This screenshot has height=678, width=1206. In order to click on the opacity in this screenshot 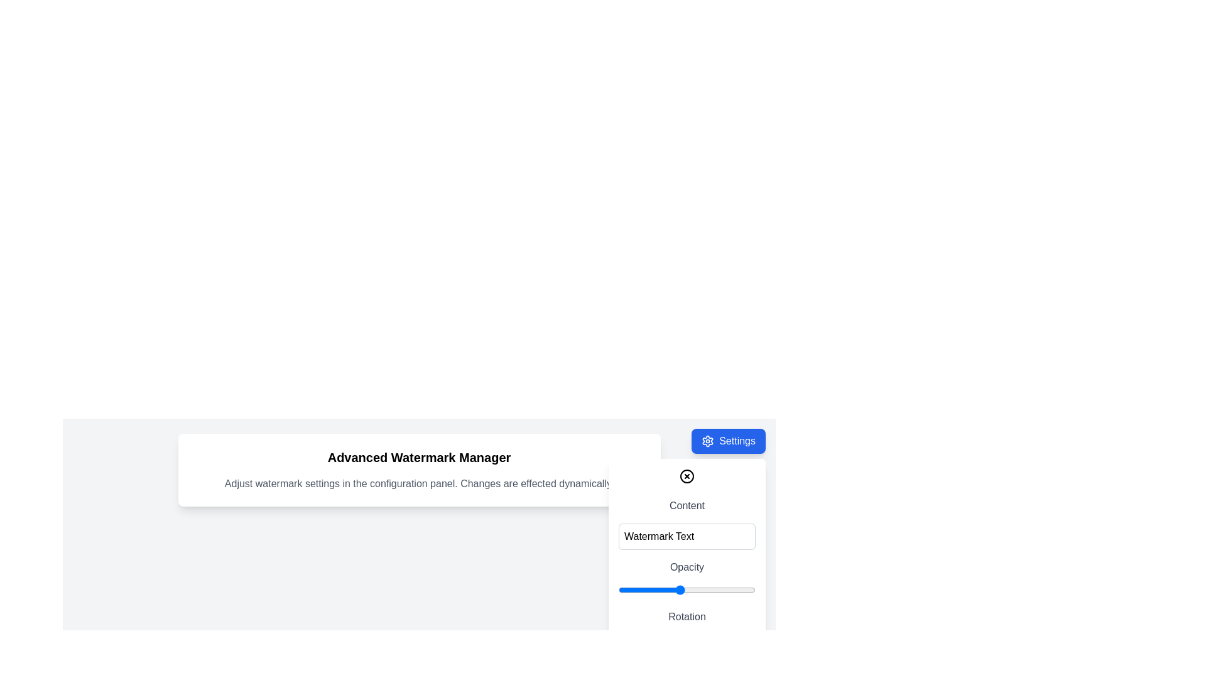, I will do `click(603, 590)`.